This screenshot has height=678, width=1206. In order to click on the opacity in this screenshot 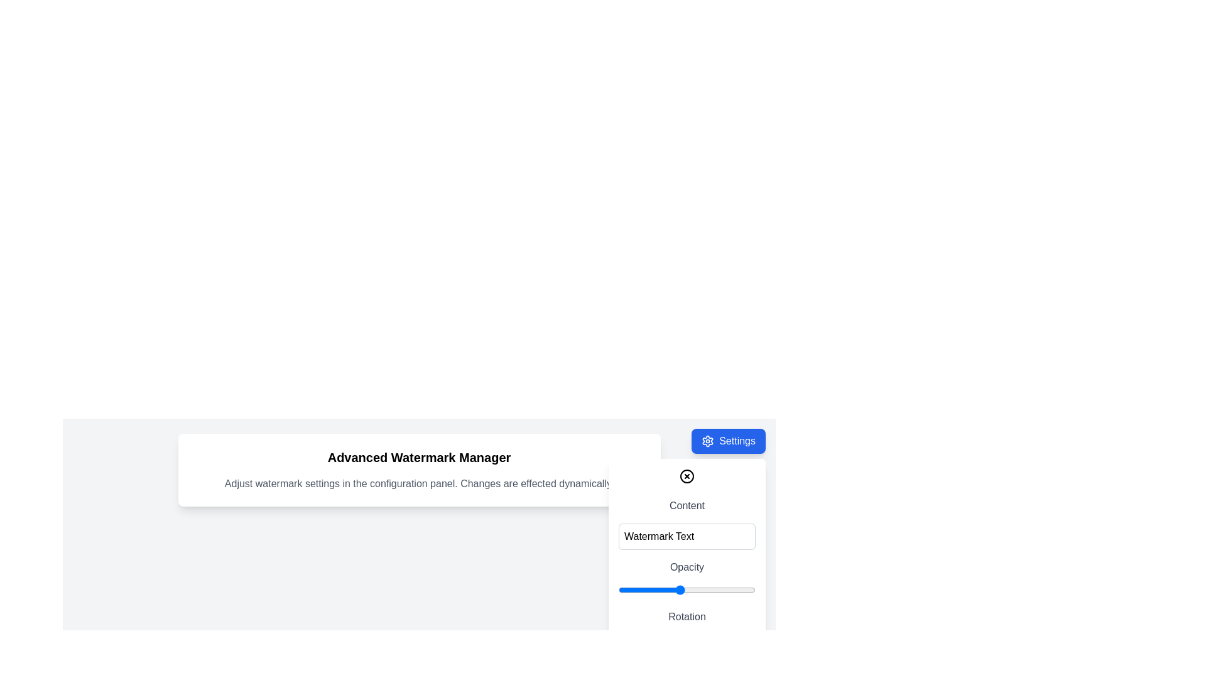, I will do `click(603, 590)`.